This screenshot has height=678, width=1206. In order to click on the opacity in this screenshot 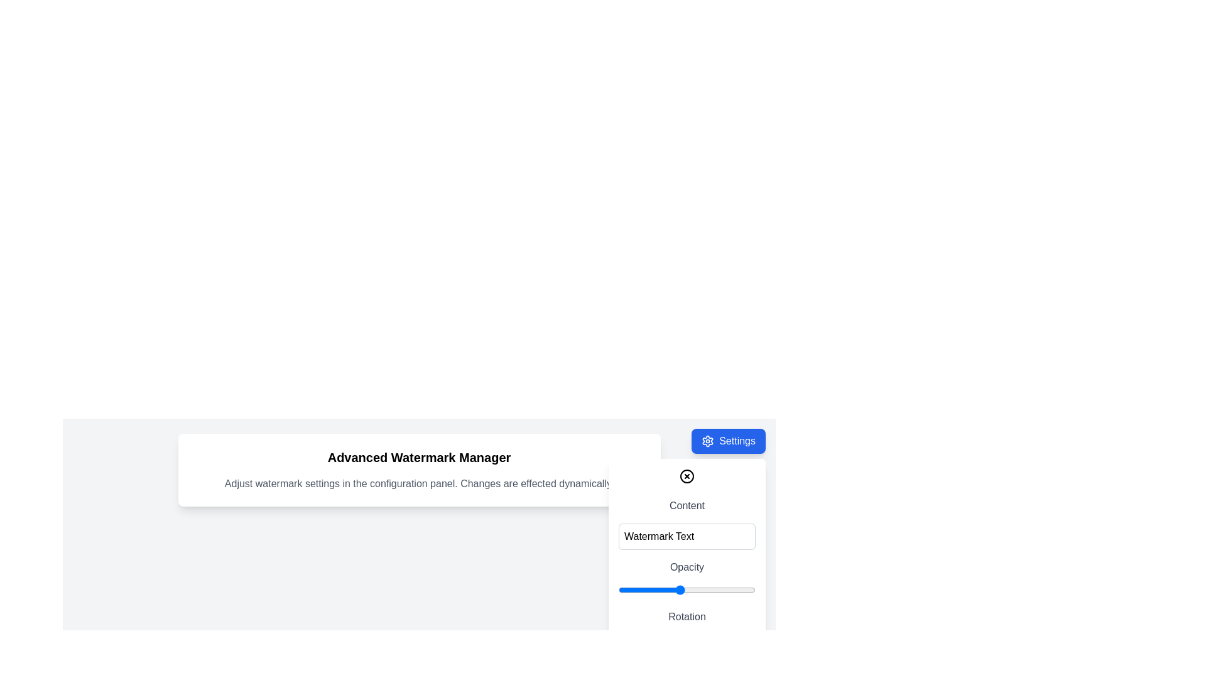, I will do `click(603, 590)`.